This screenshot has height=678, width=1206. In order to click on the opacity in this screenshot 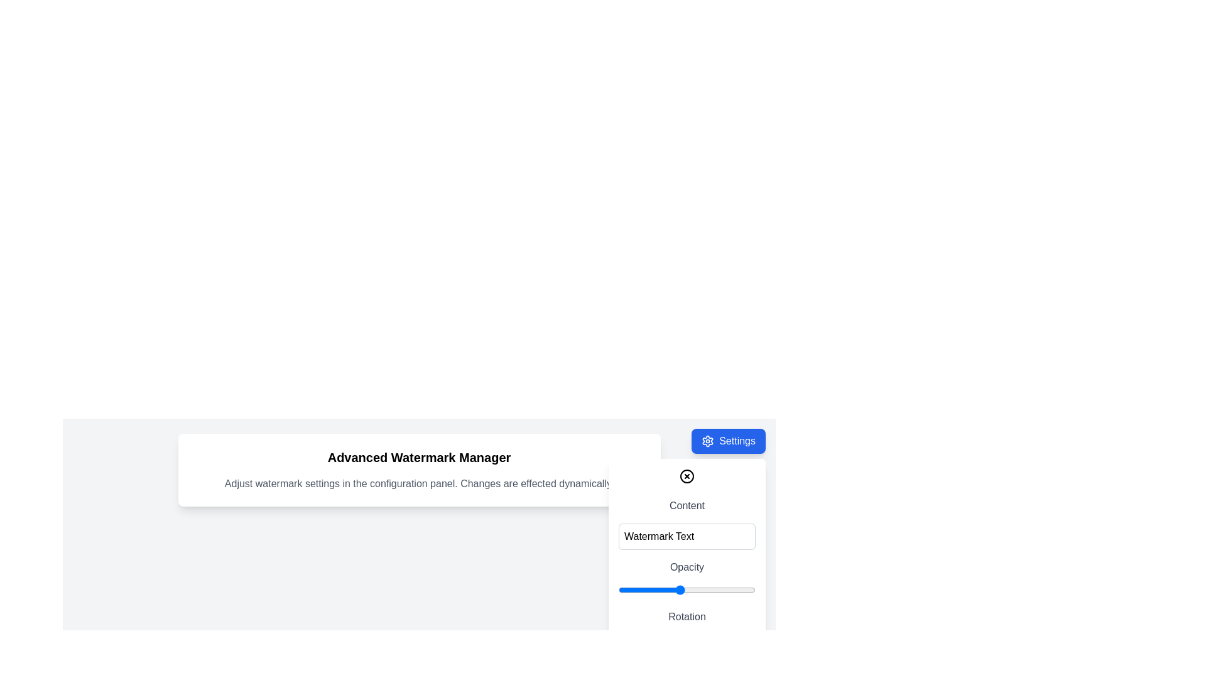, I will do `click(603, 590)`.